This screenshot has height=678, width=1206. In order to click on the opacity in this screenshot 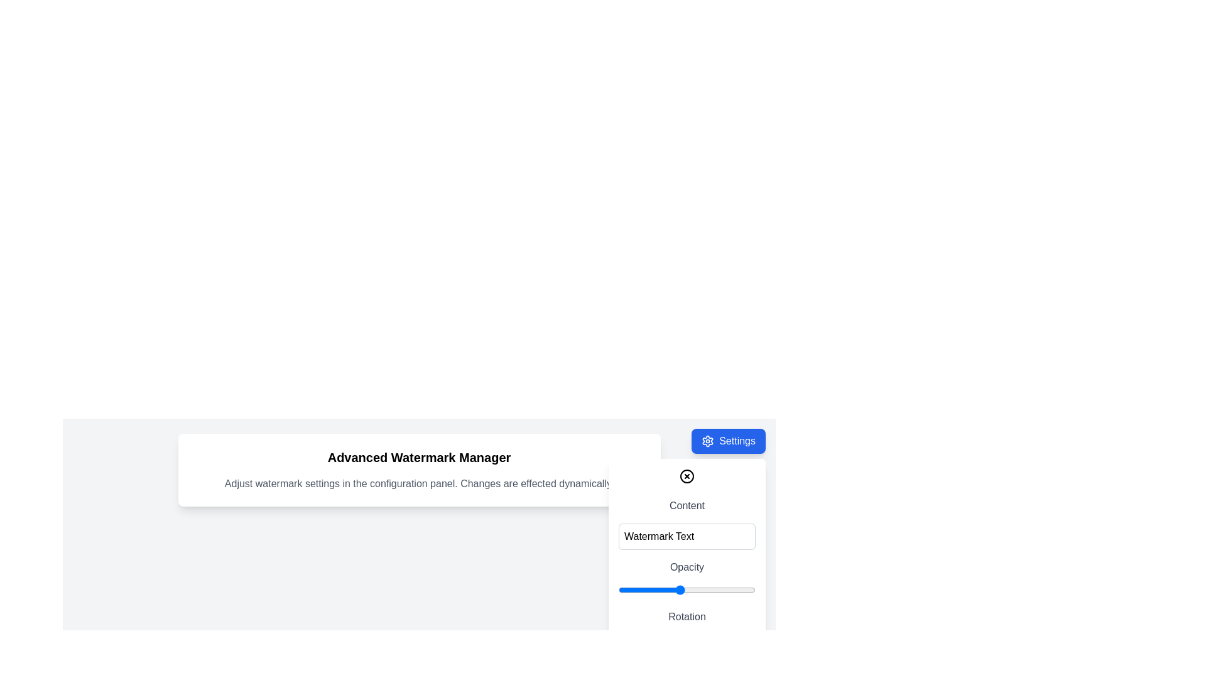, I will do `click(603, 590)`.